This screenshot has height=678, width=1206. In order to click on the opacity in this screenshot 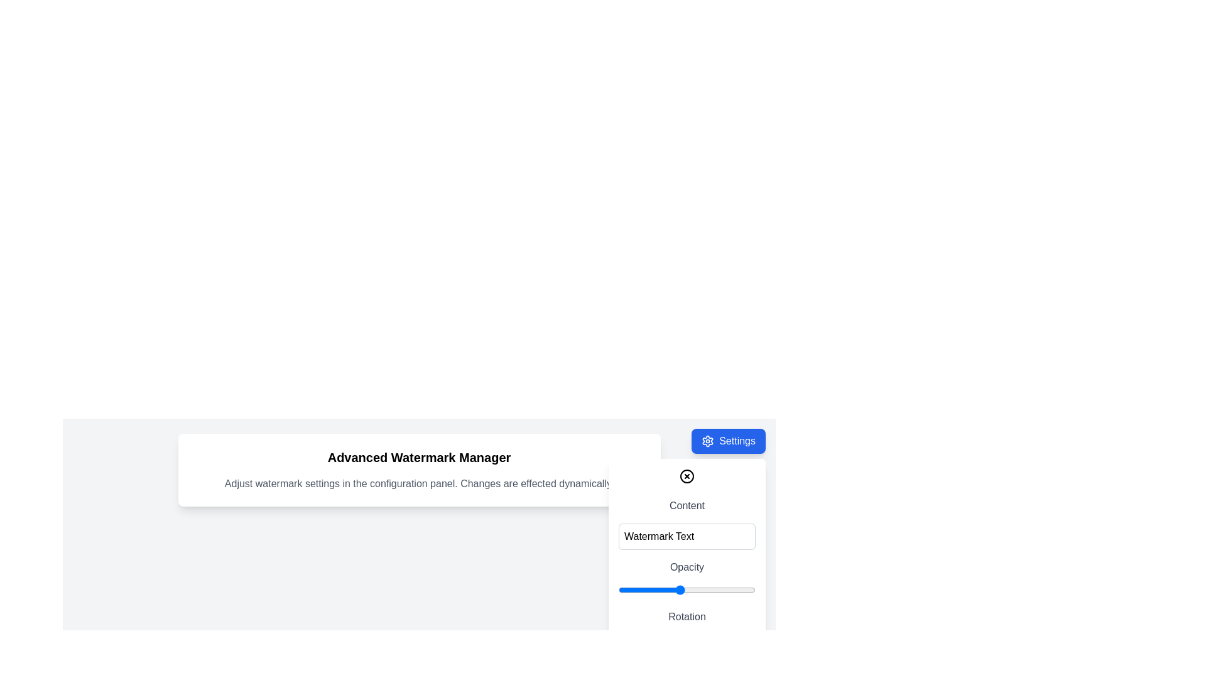, I will do `click(603, 590)`.